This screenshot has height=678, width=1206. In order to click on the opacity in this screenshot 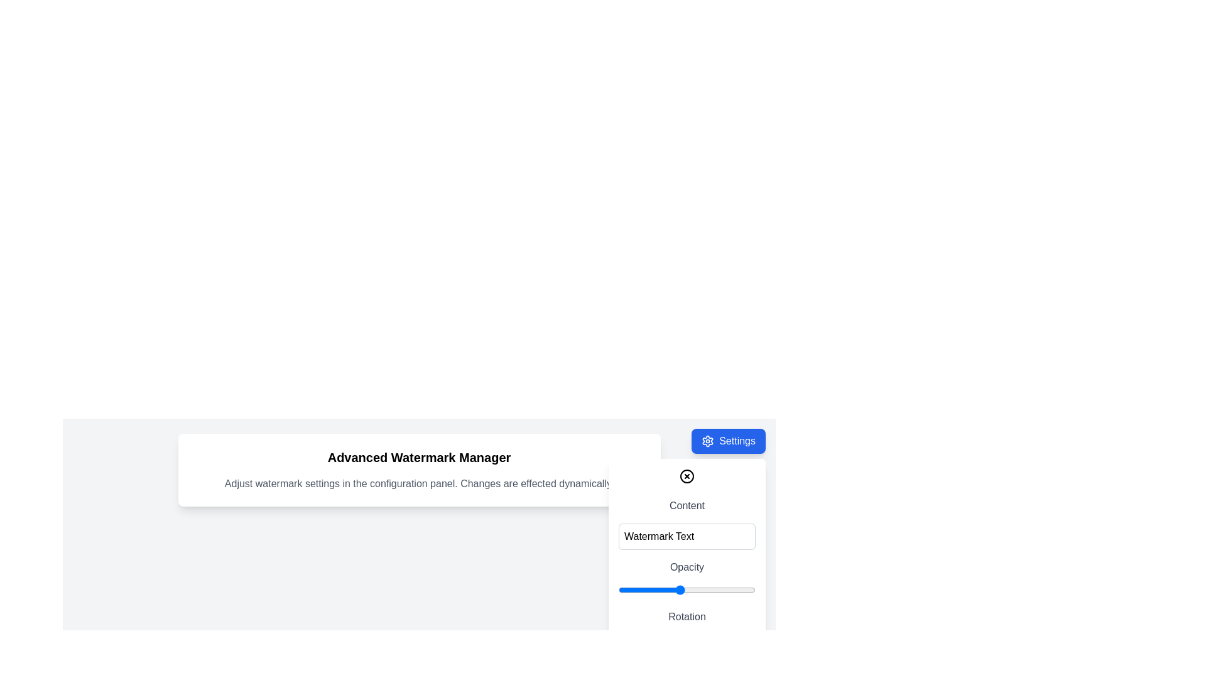, I will do `click(603, 590)`.